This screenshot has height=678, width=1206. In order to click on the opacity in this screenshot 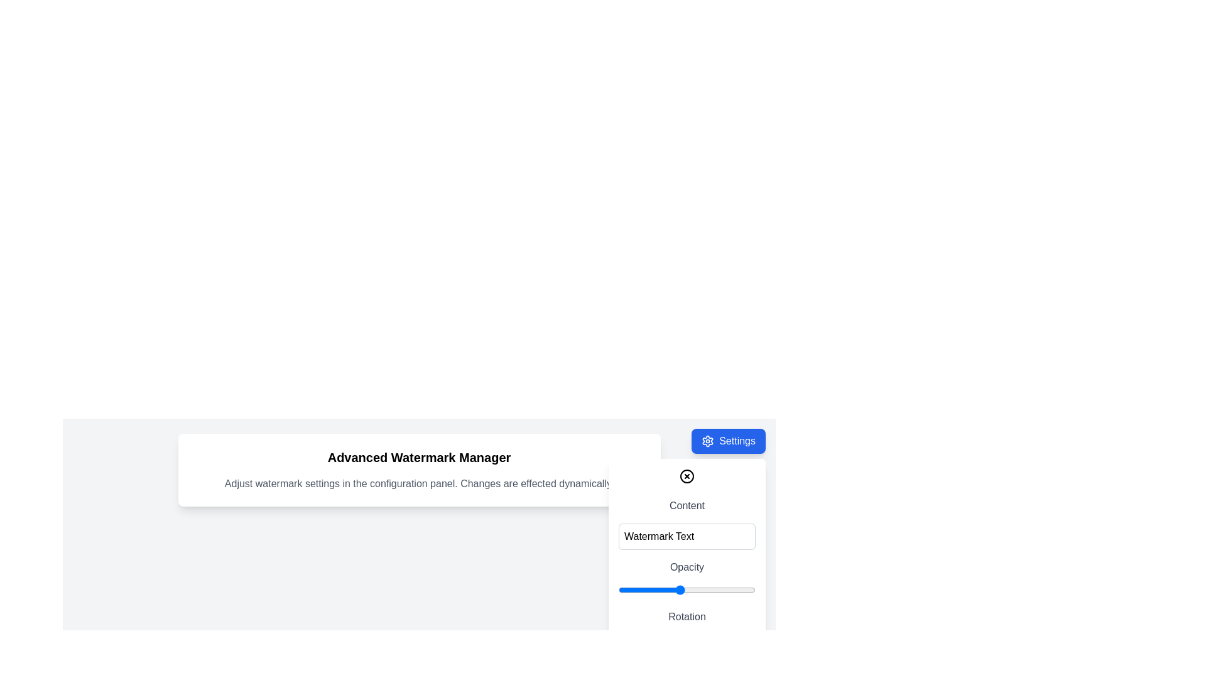, I will do `click(603, 590)`.